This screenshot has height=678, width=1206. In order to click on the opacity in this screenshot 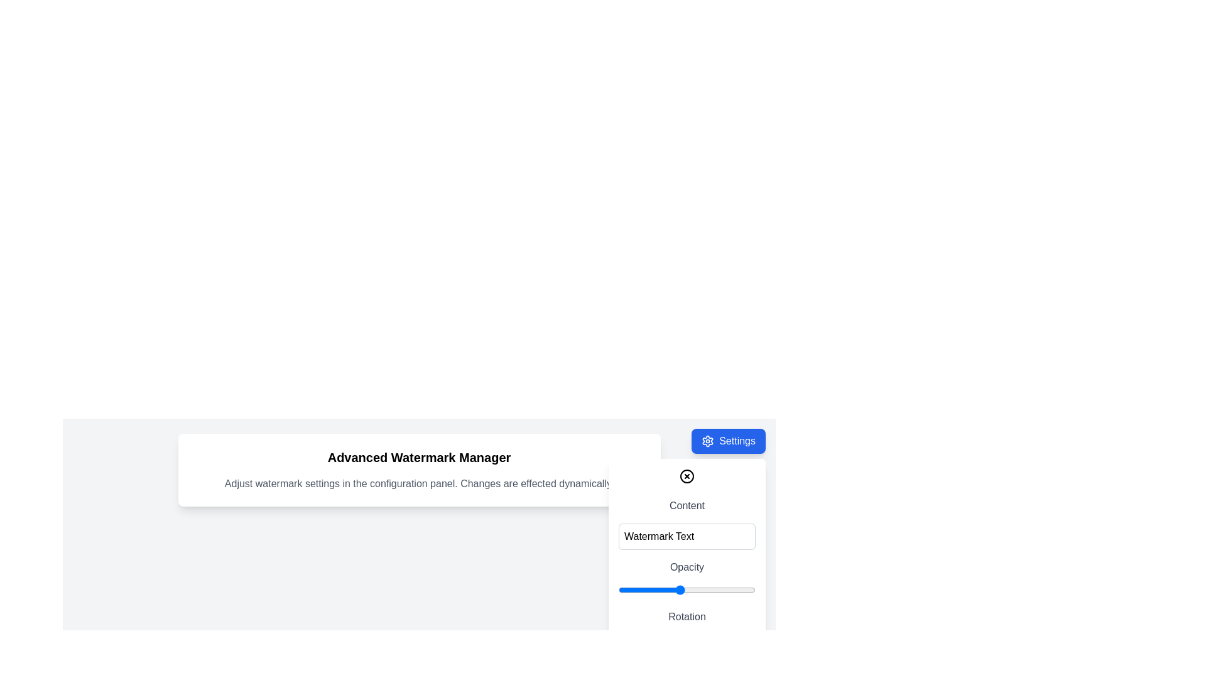, I will do `click(603, 590)`.